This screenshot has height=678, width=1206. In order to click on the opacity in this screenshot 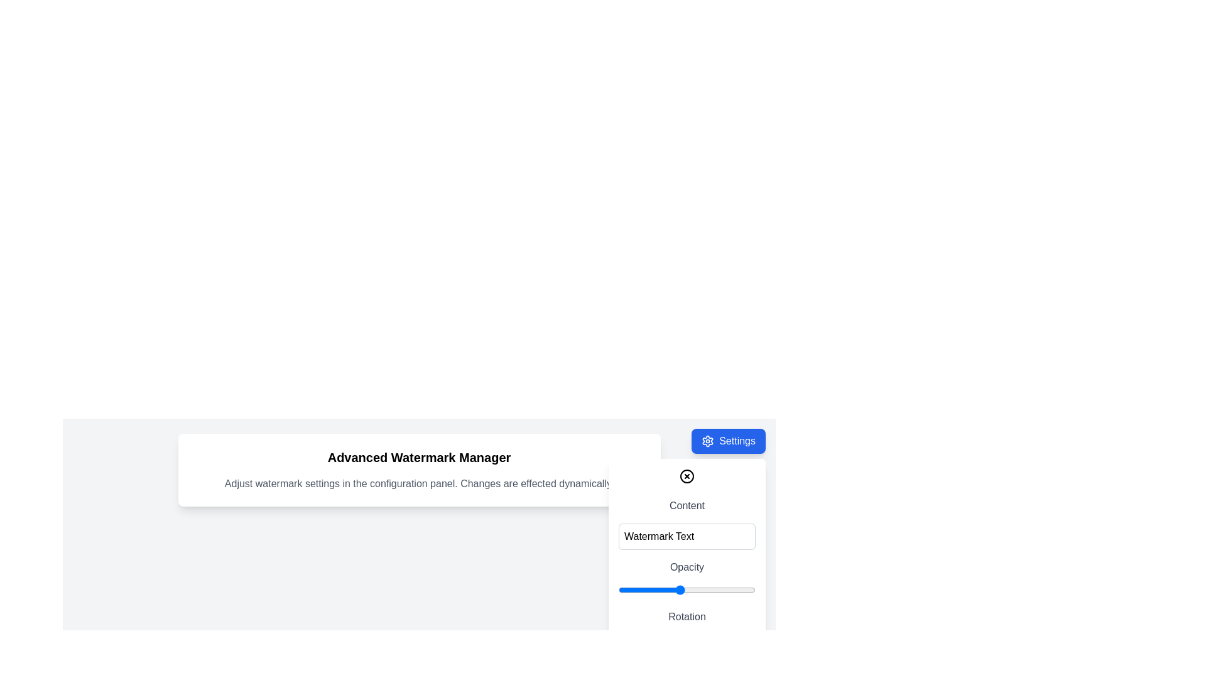, I will do `click(603, 590)`.